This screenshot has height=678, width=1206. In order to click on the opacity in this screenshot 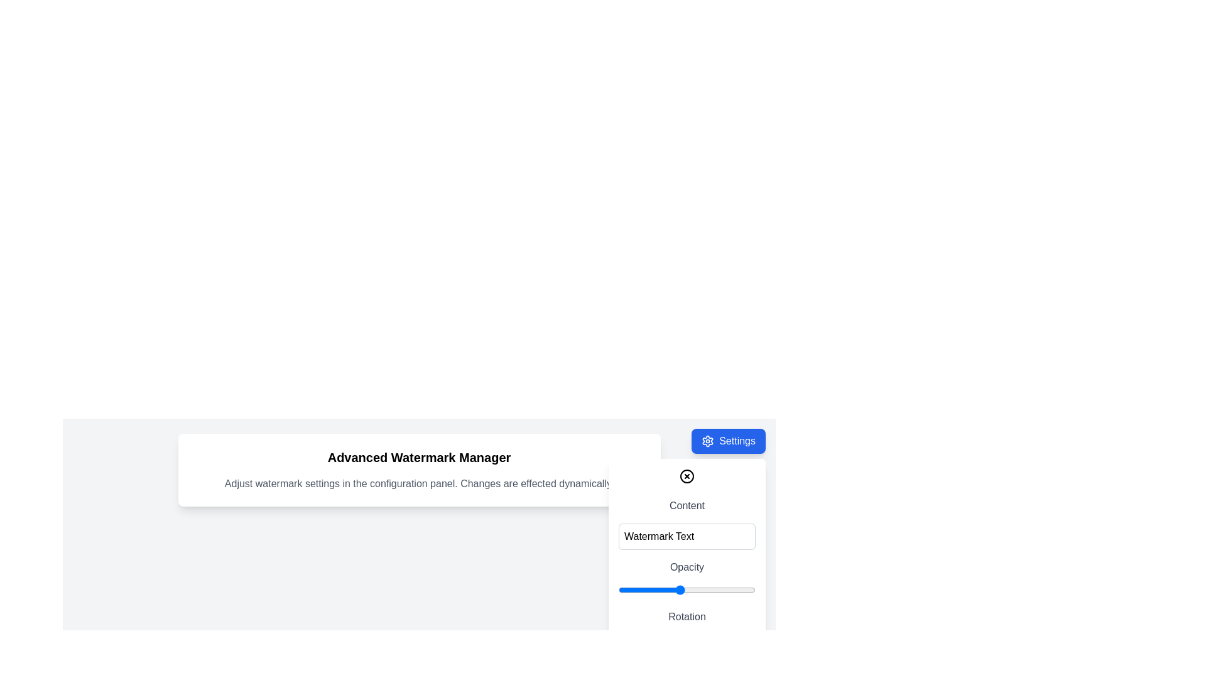, I will do `click(603, 590)`.